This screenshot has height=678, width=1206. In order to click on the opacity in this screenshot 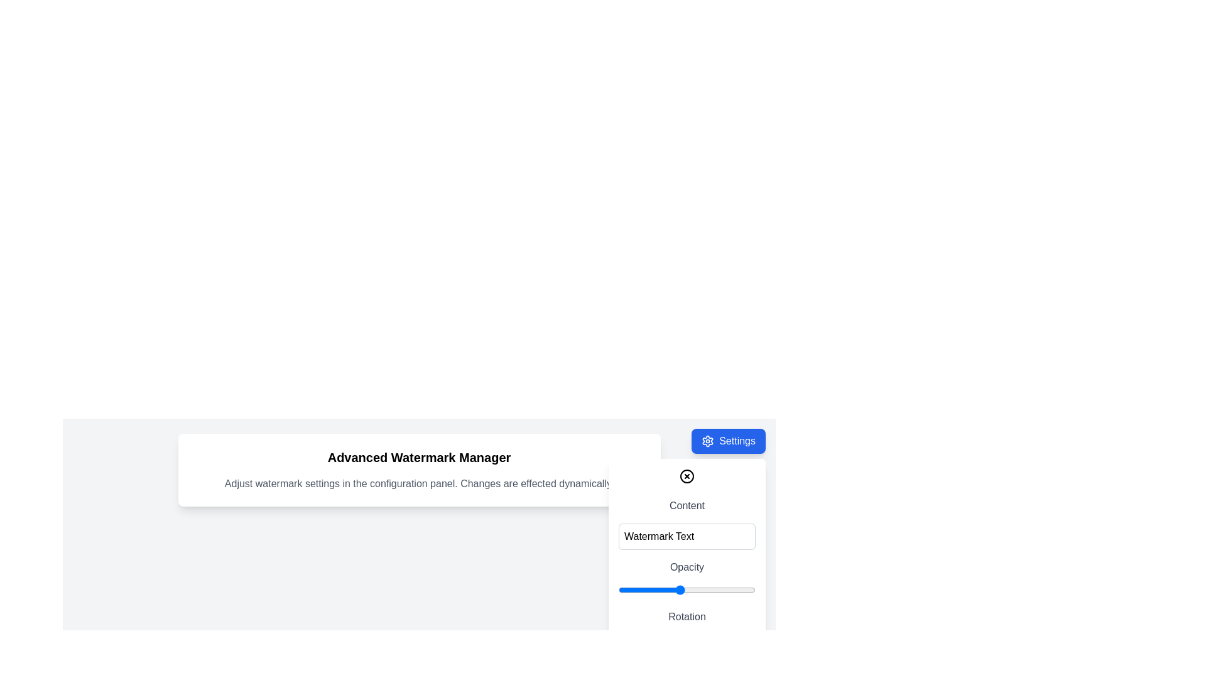, I will do `click(603, 590)`.